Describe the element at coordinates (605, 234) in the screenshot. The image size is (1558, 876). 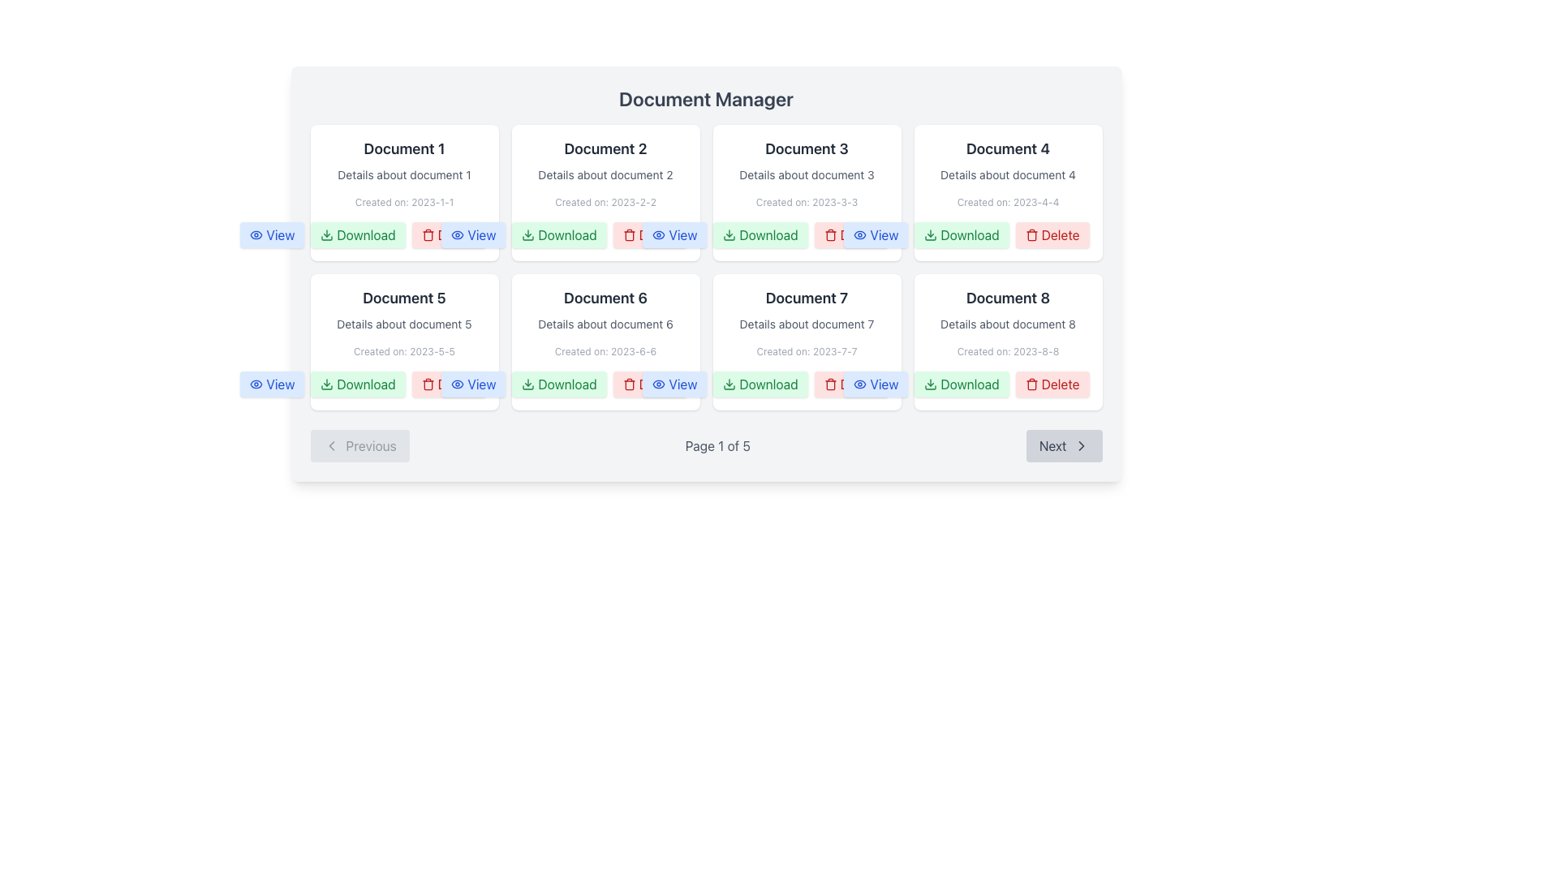
I see `the 'Download' button in the horizontal bar of action buttons located at the bottom of the 'Document 2' card` at that location.